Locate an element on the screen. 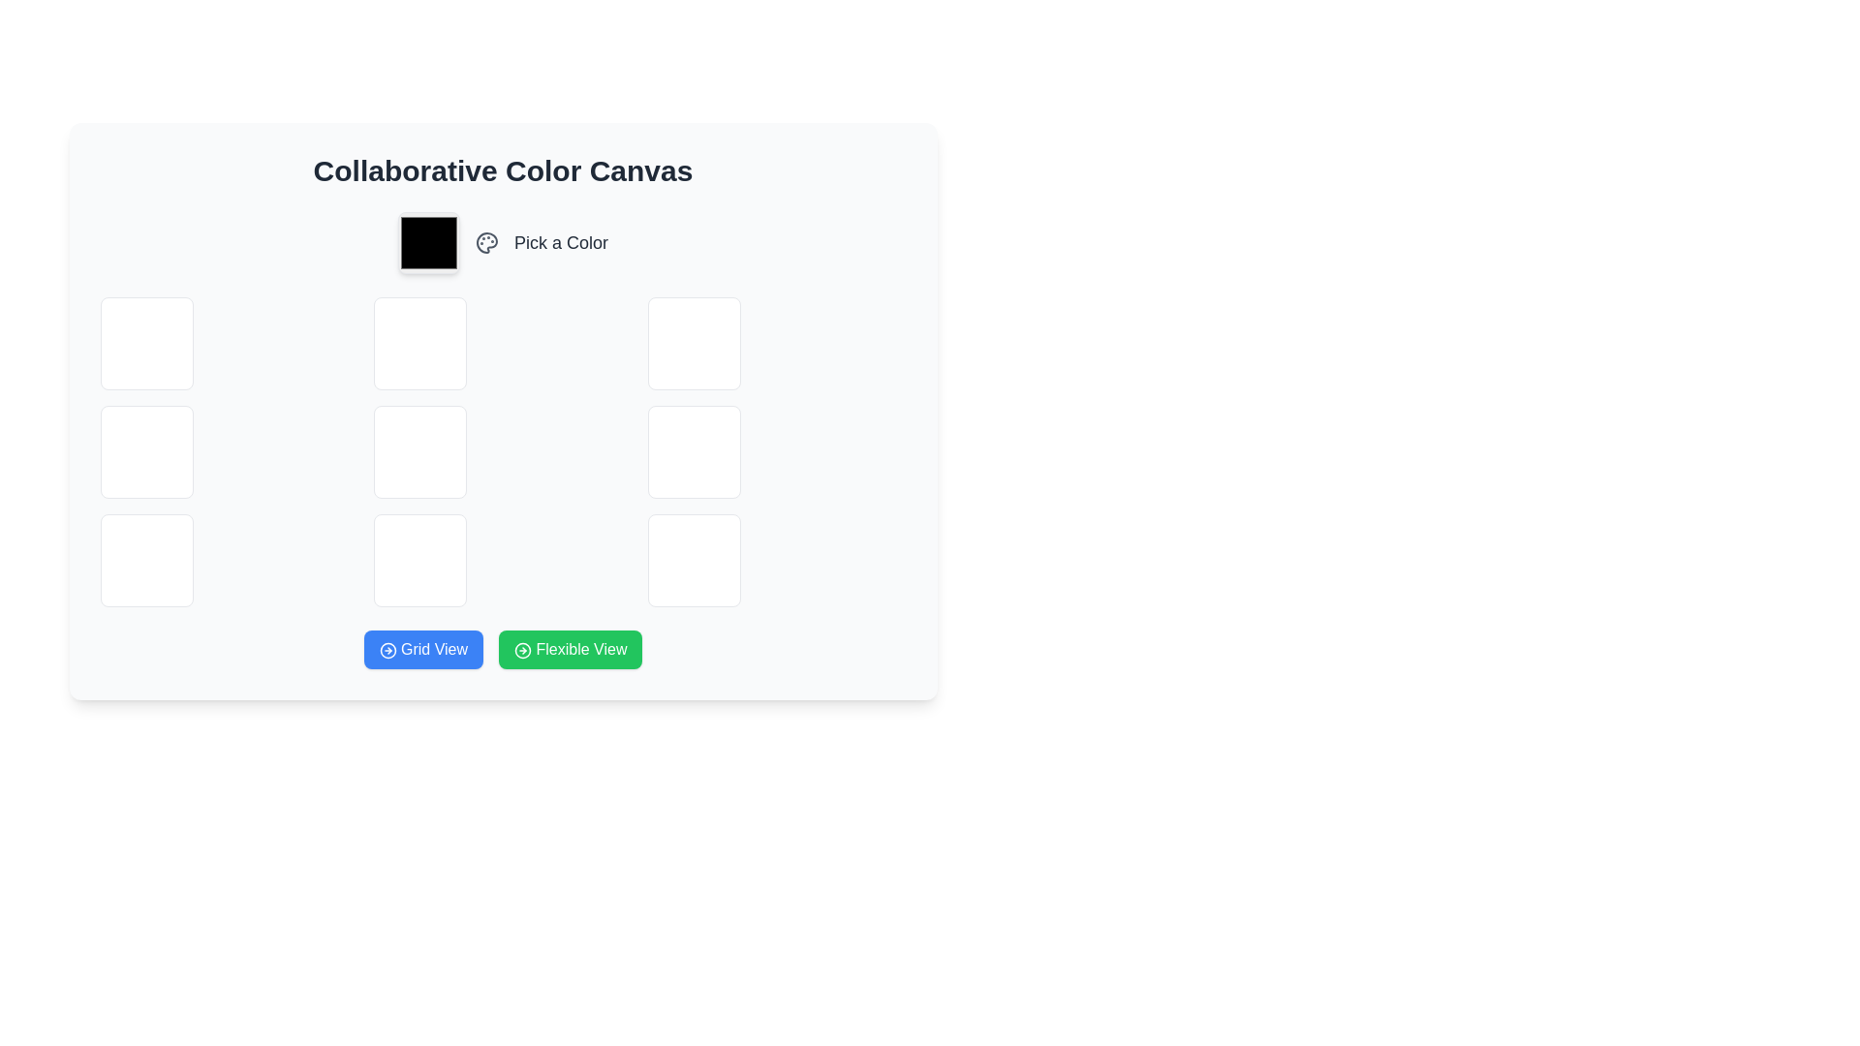 Image resolution: width=1860 pixels, height=1046 pixels. the text label that reads 'Pick a Color', which is styled with a medium font size and dark gray text color, located to the right of a black square color picker is located at coordinates (560, 241).